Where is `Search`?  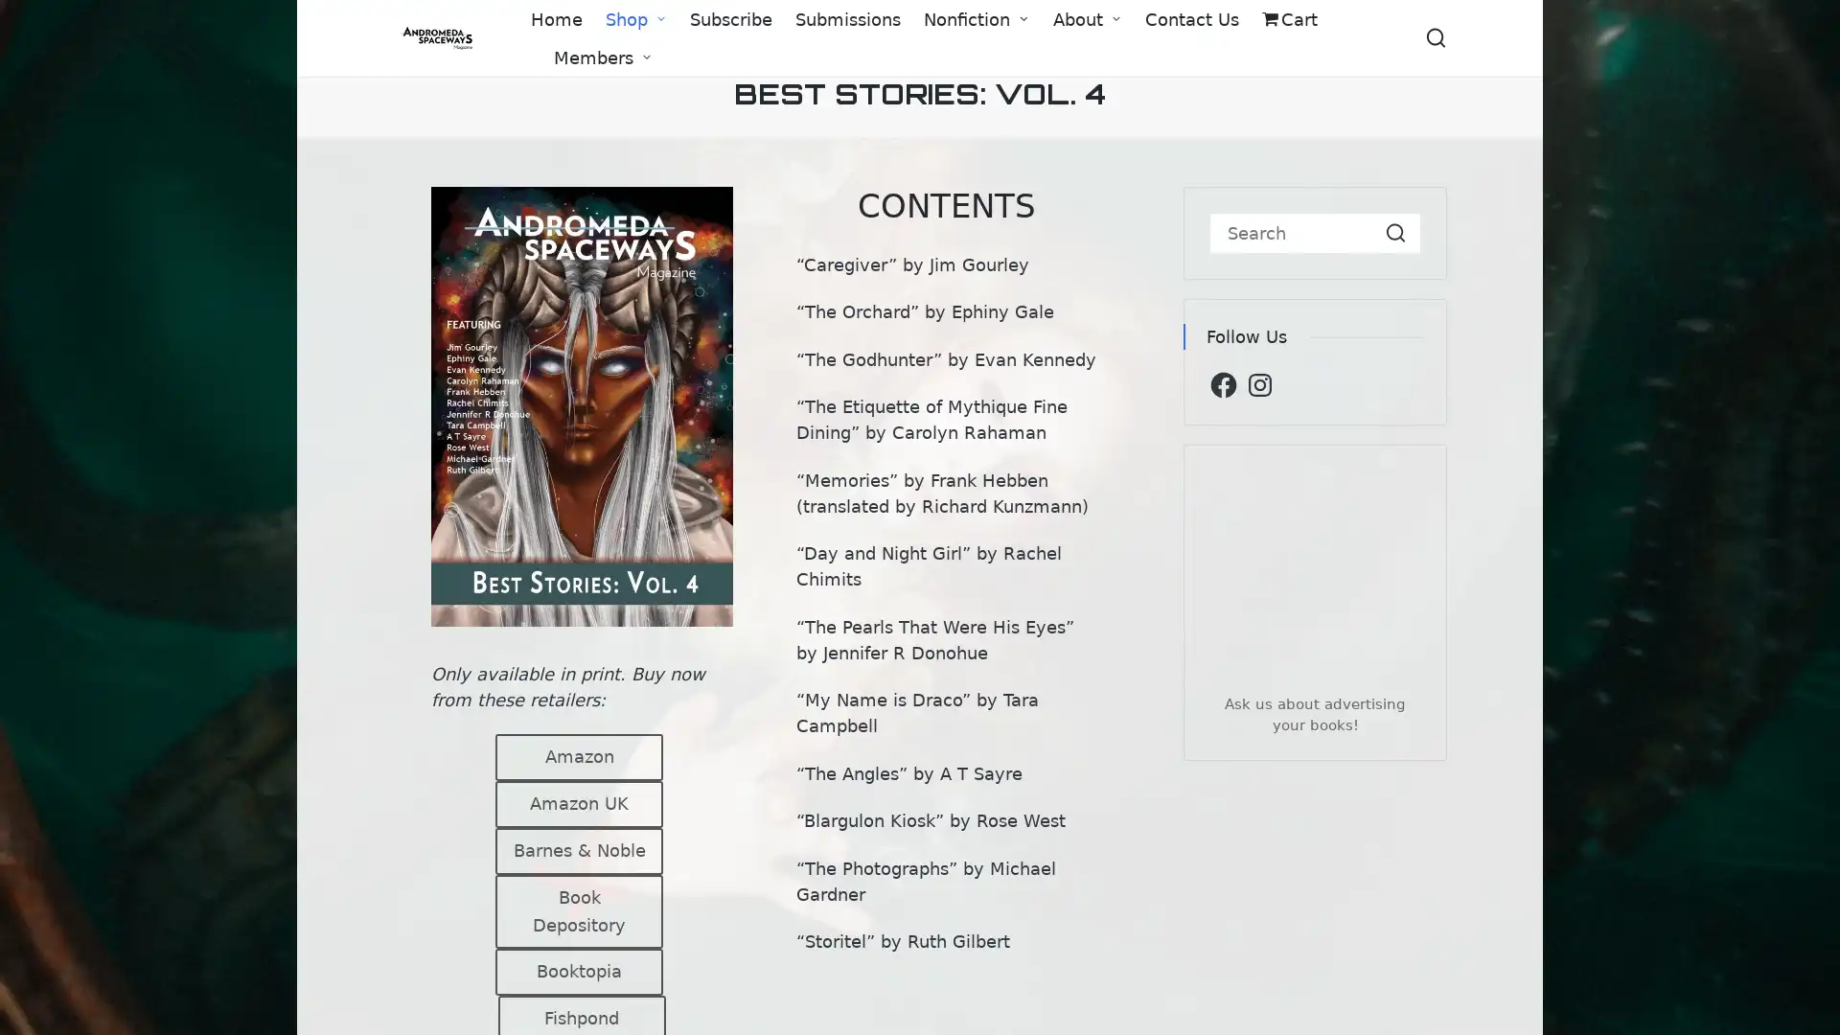 Search is located at coordinates (1395, 232).